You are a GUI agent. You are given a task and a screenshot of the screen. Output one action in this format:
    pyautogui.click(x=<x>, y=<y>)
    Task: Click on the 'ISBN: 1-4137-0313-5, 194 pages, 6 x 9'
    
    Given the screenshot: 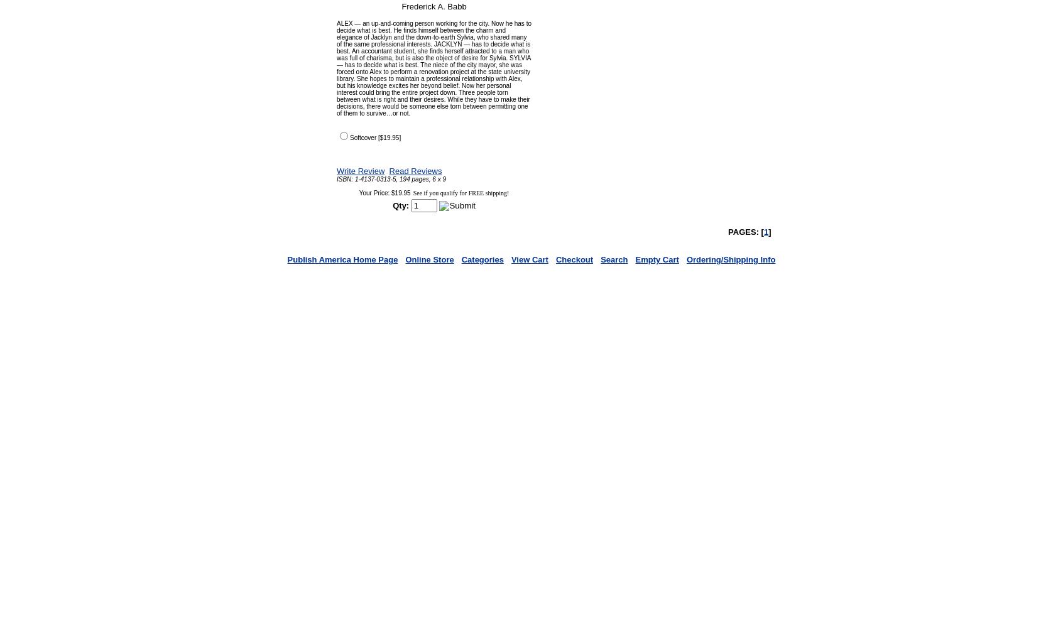 What is the action you would take?
    pyautogui.click(x=390, y=179)
    